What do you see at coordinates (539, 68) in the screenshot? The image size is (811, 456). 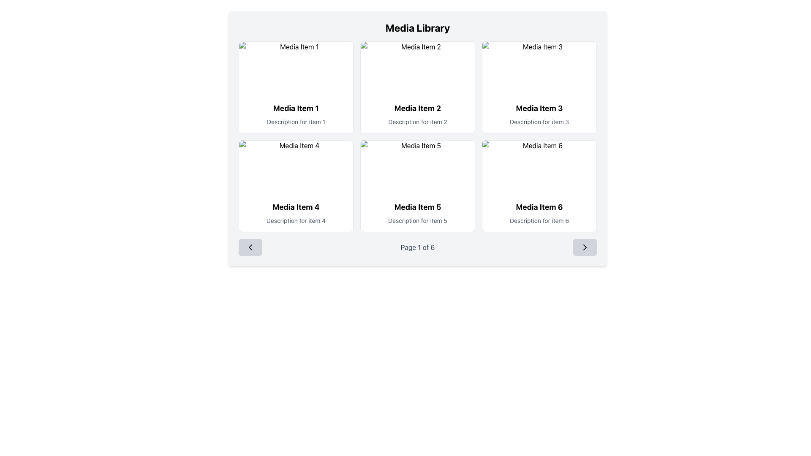 I see `the image placeholder displaying 'Item 3' in the media card for 'Media Item 3', positioned in the top-right section of the grid layout` at bounding box center [539, 68].